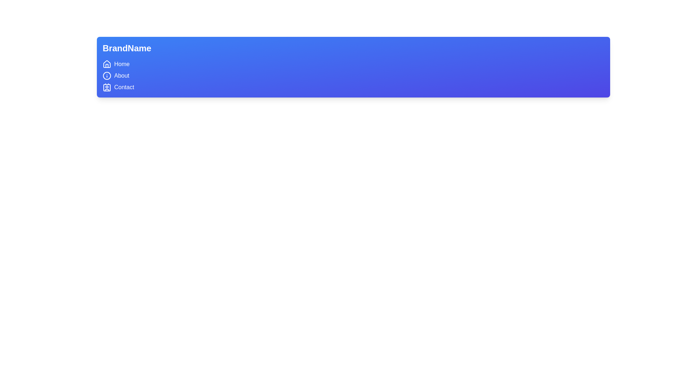 The height and width of the screenshot is (390, 694). What do you see at coordinates (122, 64) in the screenshot?
I see `the 'Home' hyperlink text label, which is underlined and located to the right of a house icon` at bounding box center [122, 64].